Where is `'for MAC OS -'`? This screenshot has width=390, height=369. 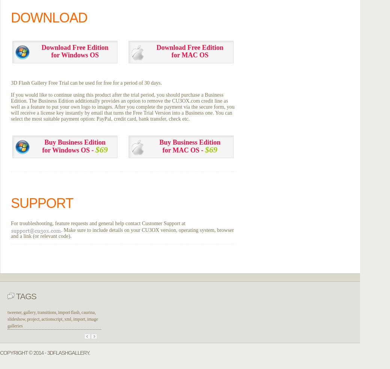 'for MAC OS -' is located at coordinates (183, 149).